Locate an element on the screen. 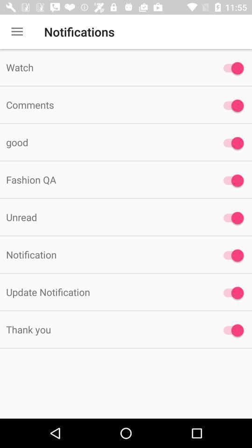  update notification item is located at coordinates (105, 291).